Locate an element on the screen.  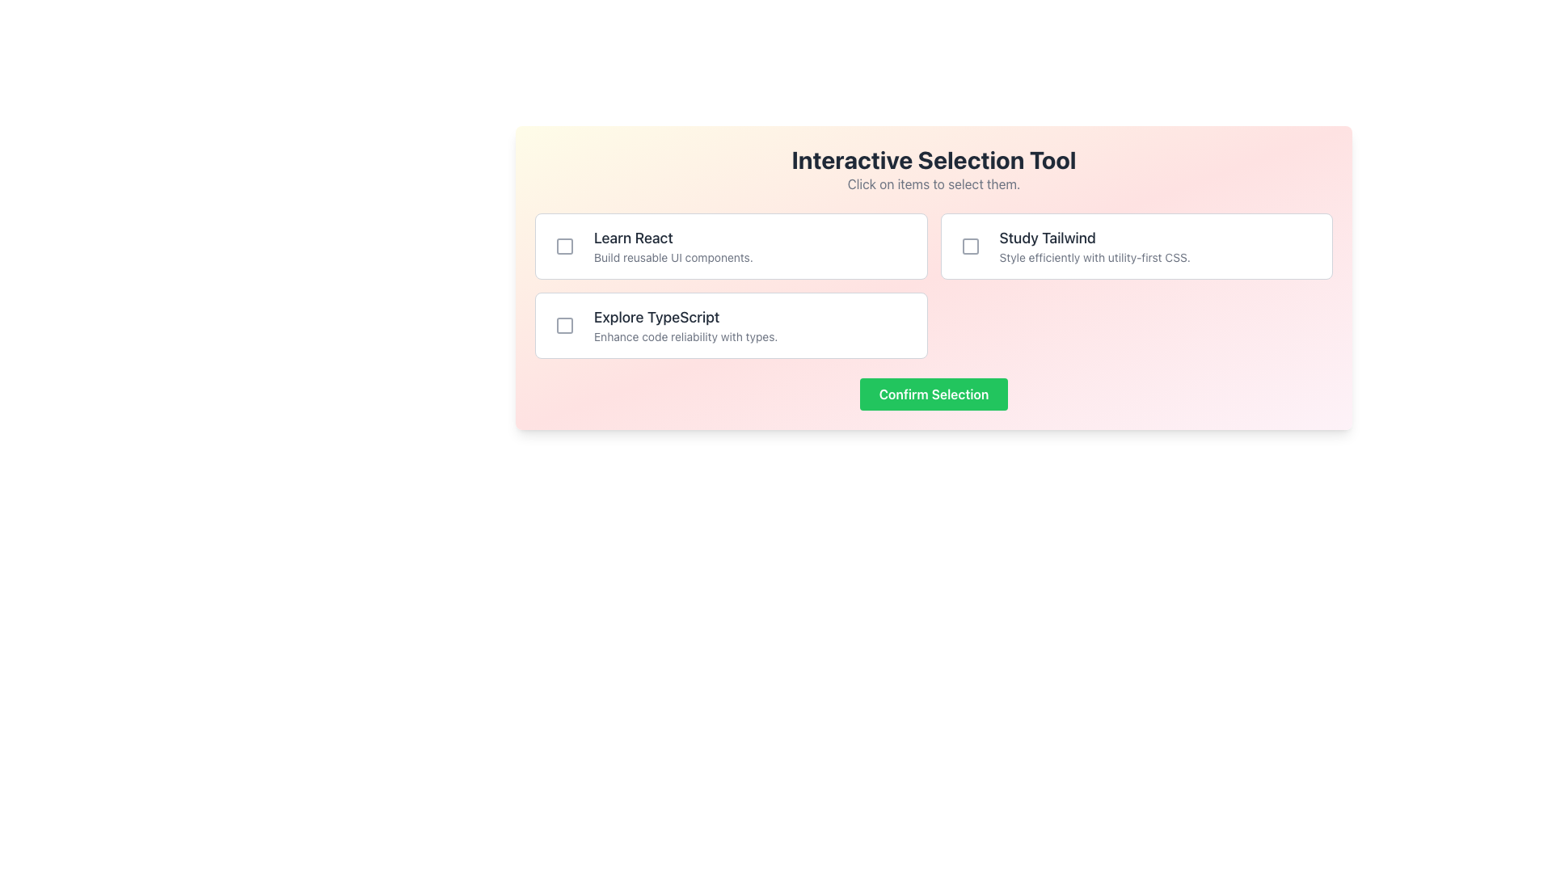
the selectable card with a checkbox located in the top-left corner of the grid layout is located at coordinates (730, 246).